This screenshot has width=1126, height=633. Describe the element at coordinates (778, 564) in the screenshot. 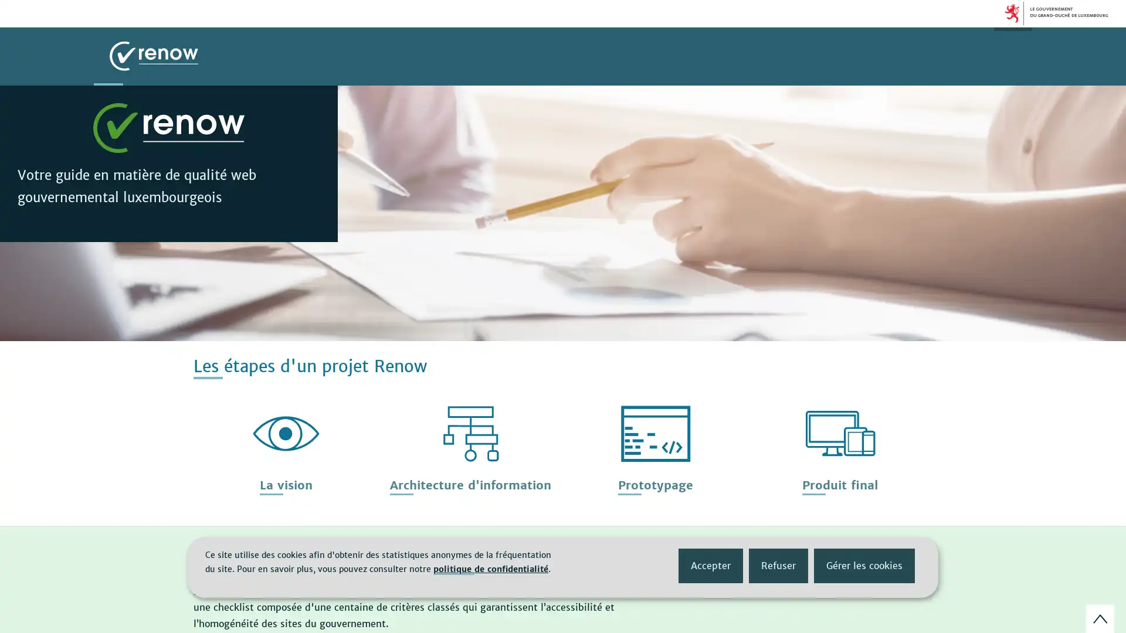

I see `Refuser` at that location.